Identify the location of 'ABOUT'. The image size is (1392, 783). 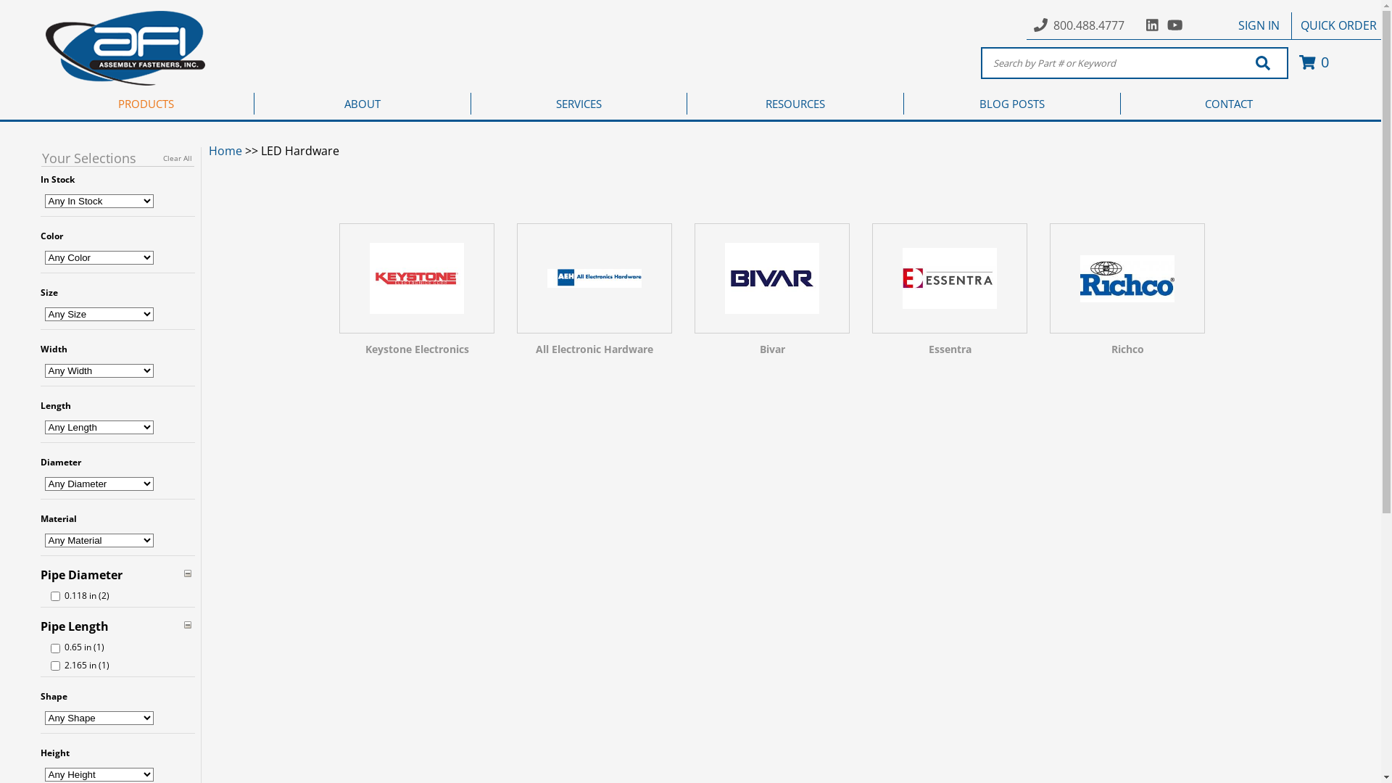
(362, 102).